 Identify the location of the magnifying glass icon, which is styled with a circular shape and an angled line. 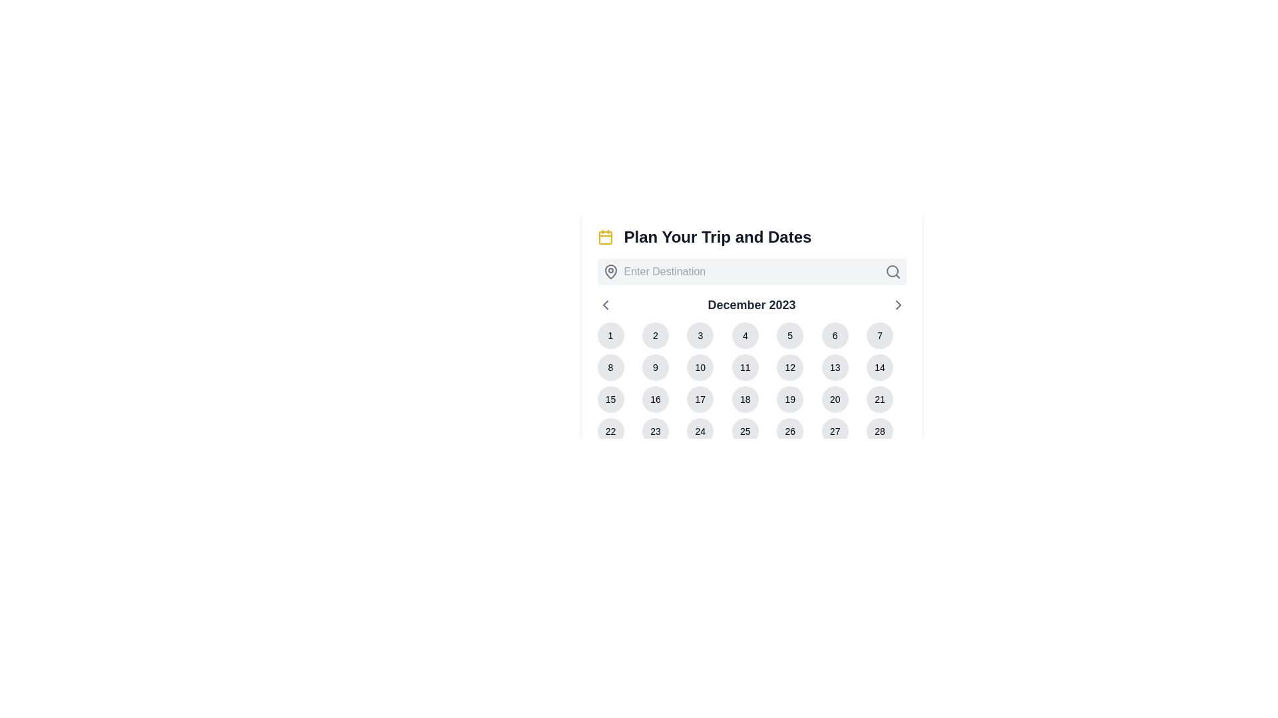
(893, 271).